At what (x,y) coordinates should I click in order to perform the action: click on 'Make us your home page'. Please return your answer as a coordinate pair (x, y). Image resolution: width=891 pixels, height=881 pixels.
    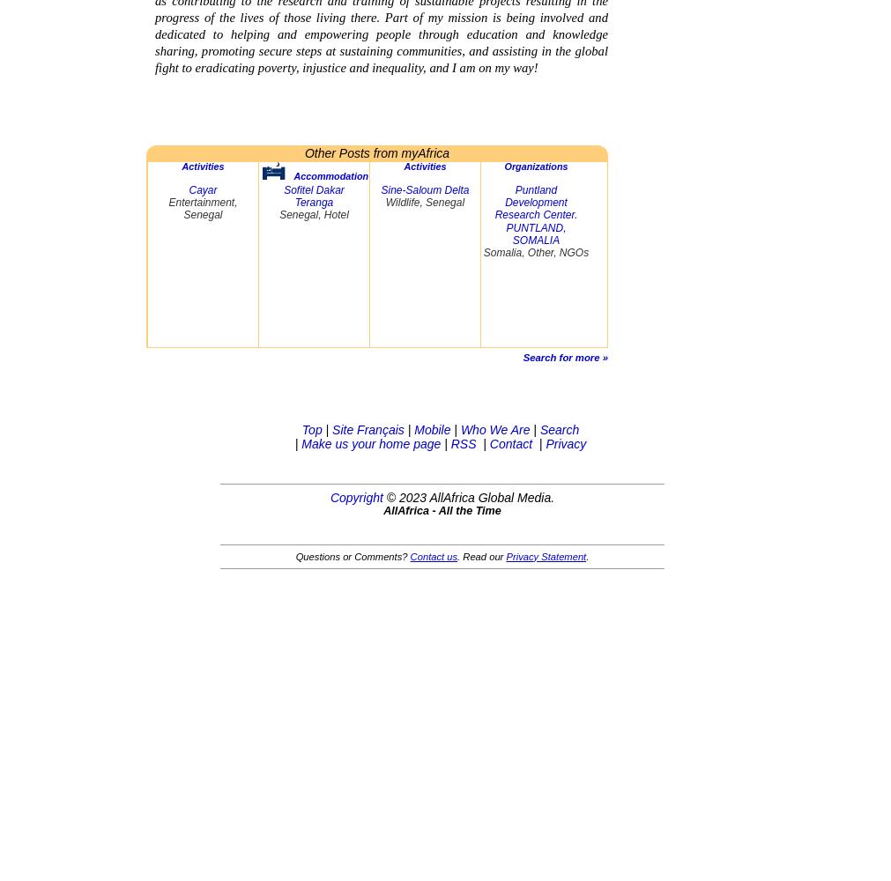
    Looking at the image, I should click on (369, 443).